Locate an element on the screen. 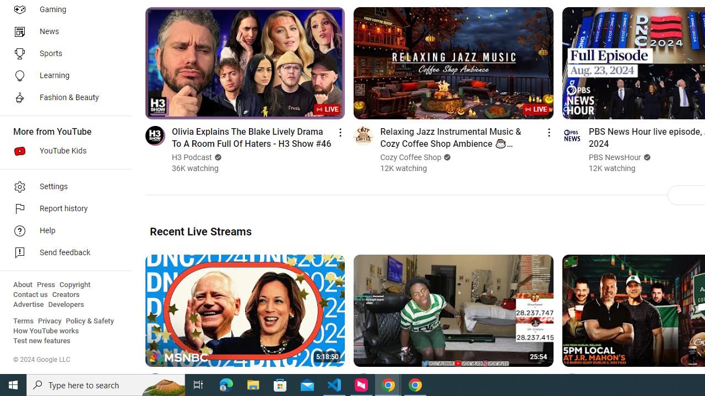 The image size is (705, 396). 'PBS NewsHour' is located at coordinates (614, 157).